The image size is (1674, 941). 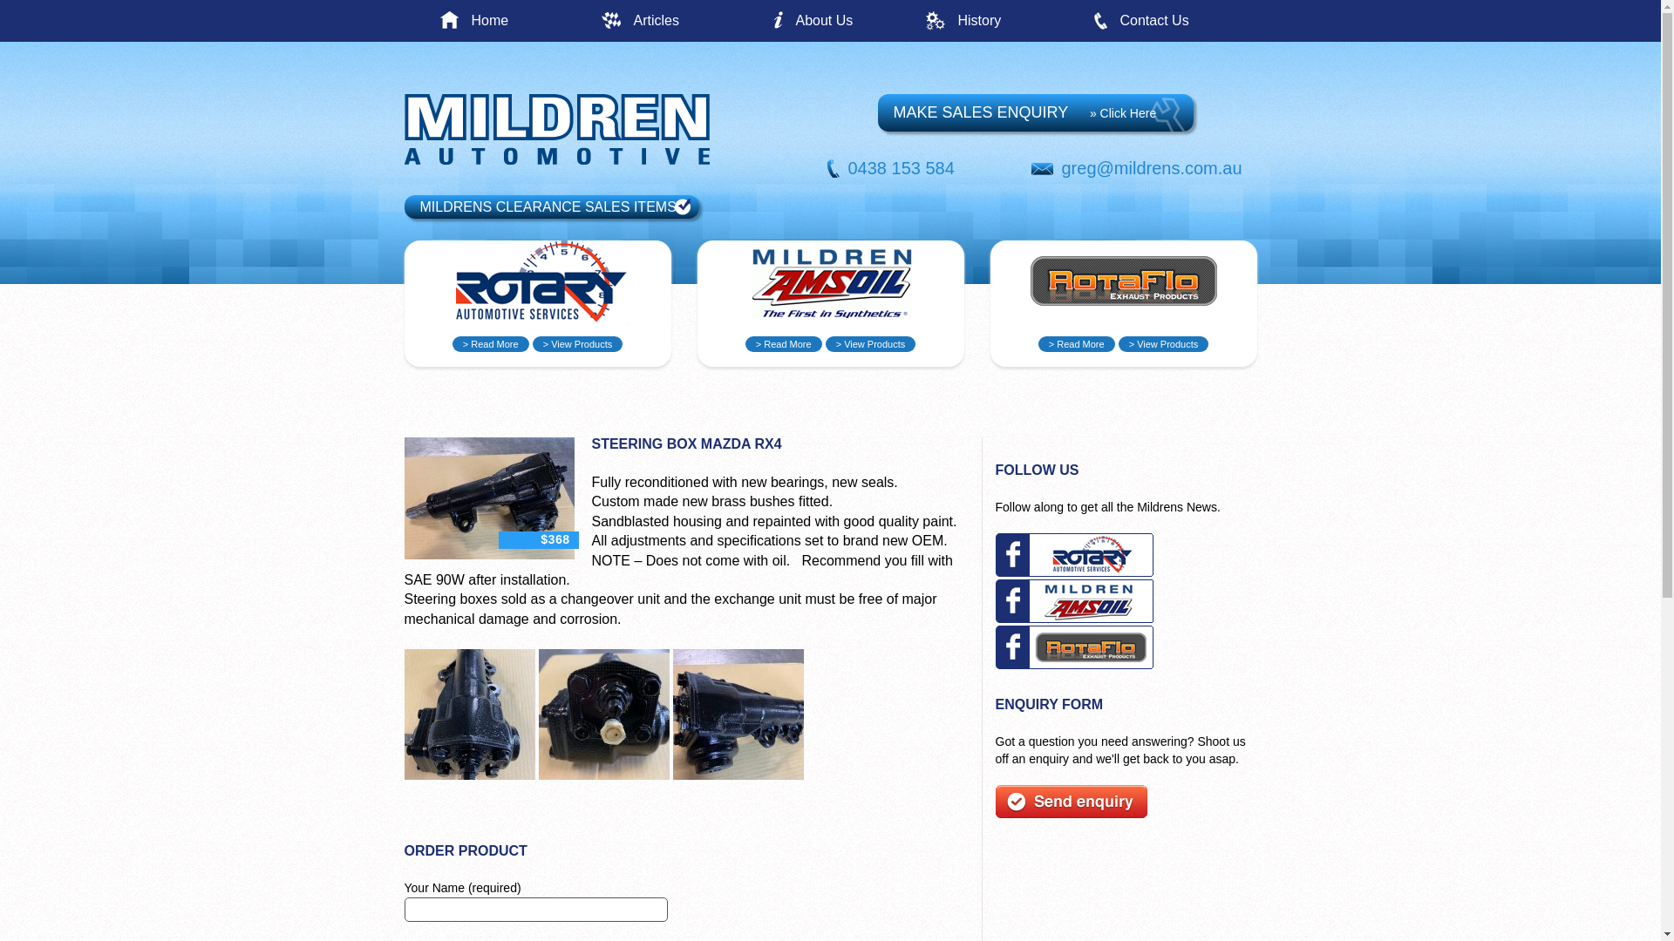 What do you see at coordinates (1184, 20) in the screenshot?
I see `'Contact Us'` at bounding box center [1184, 20].